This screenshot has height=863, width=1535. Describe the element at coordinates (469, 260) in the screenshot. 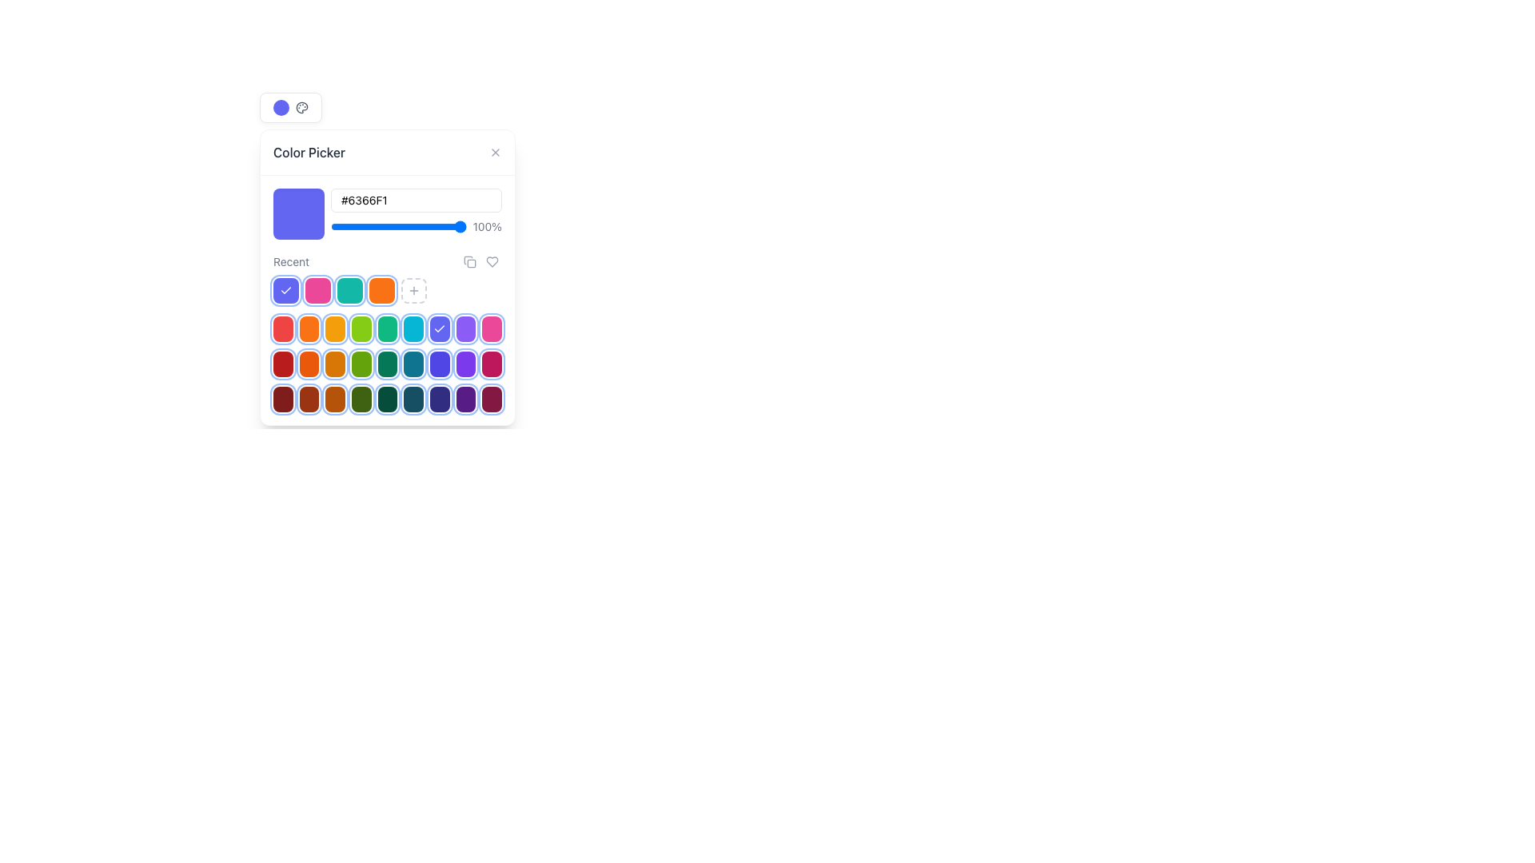

I see `the leftmost button with an icon in the top-right part of the color picker dialog to copy a value` at that location.